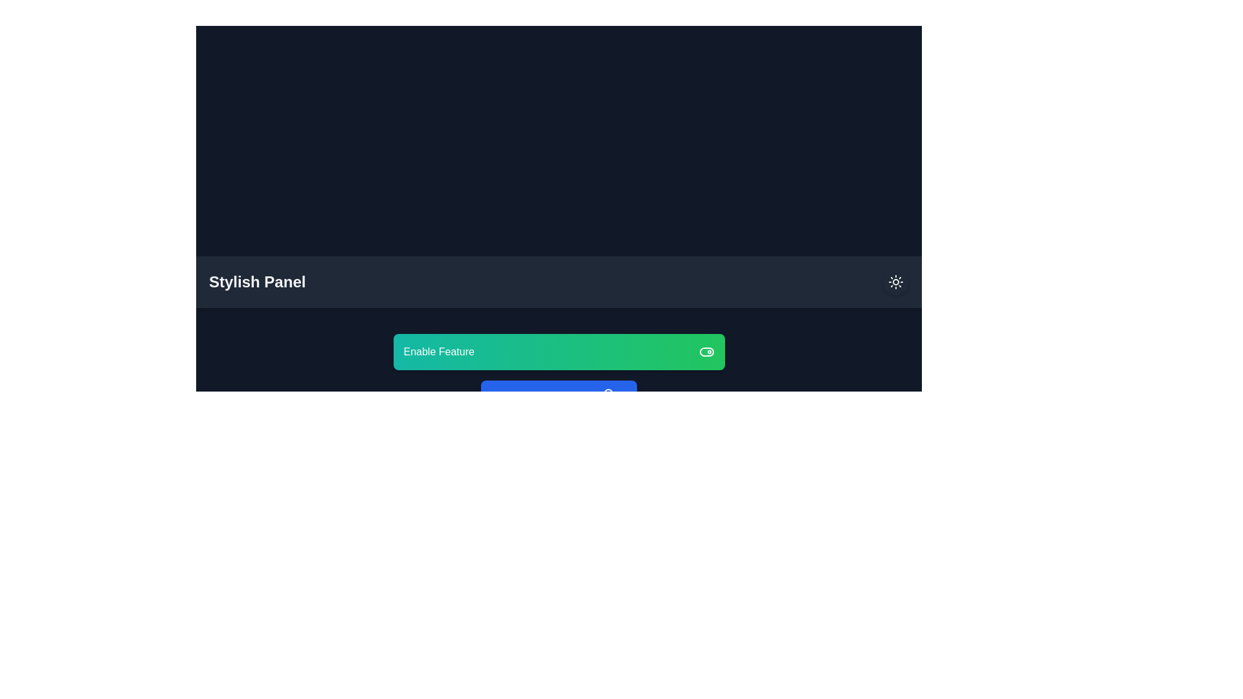  What do you see at coordinates (895, 281) in the screenshot?
I see `the dark mode toggle button located on the far right side of the 'Stylish Panel' horizontal bar to switch between light and dark themes` at bounding box center [895, 281].